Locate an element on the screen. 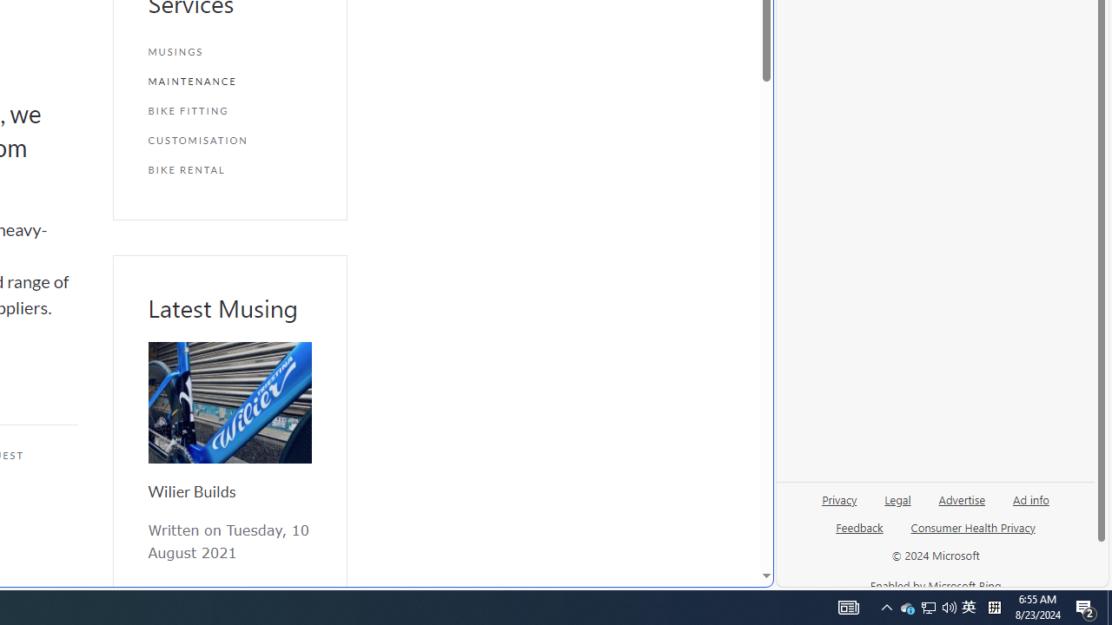  'CUSTOMISATION' is located at coordinates (228, 139).